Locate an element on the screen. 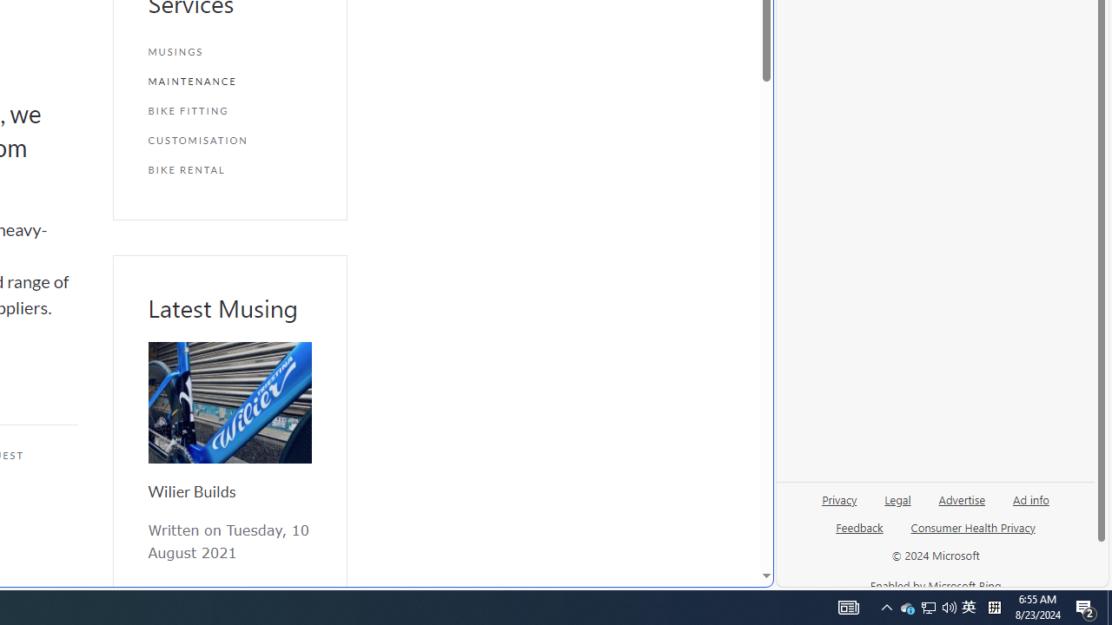  'CUSTOMISATION' is located at coordinates (228, 139).